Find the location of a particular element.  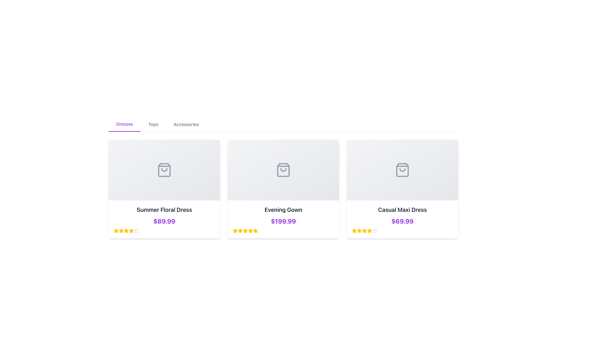

the main body section of the shopping bag icon, which is displayed in light gray and is part of the card layout for the 'Summer Floral Dress' item is located at coordinates (164, 169).